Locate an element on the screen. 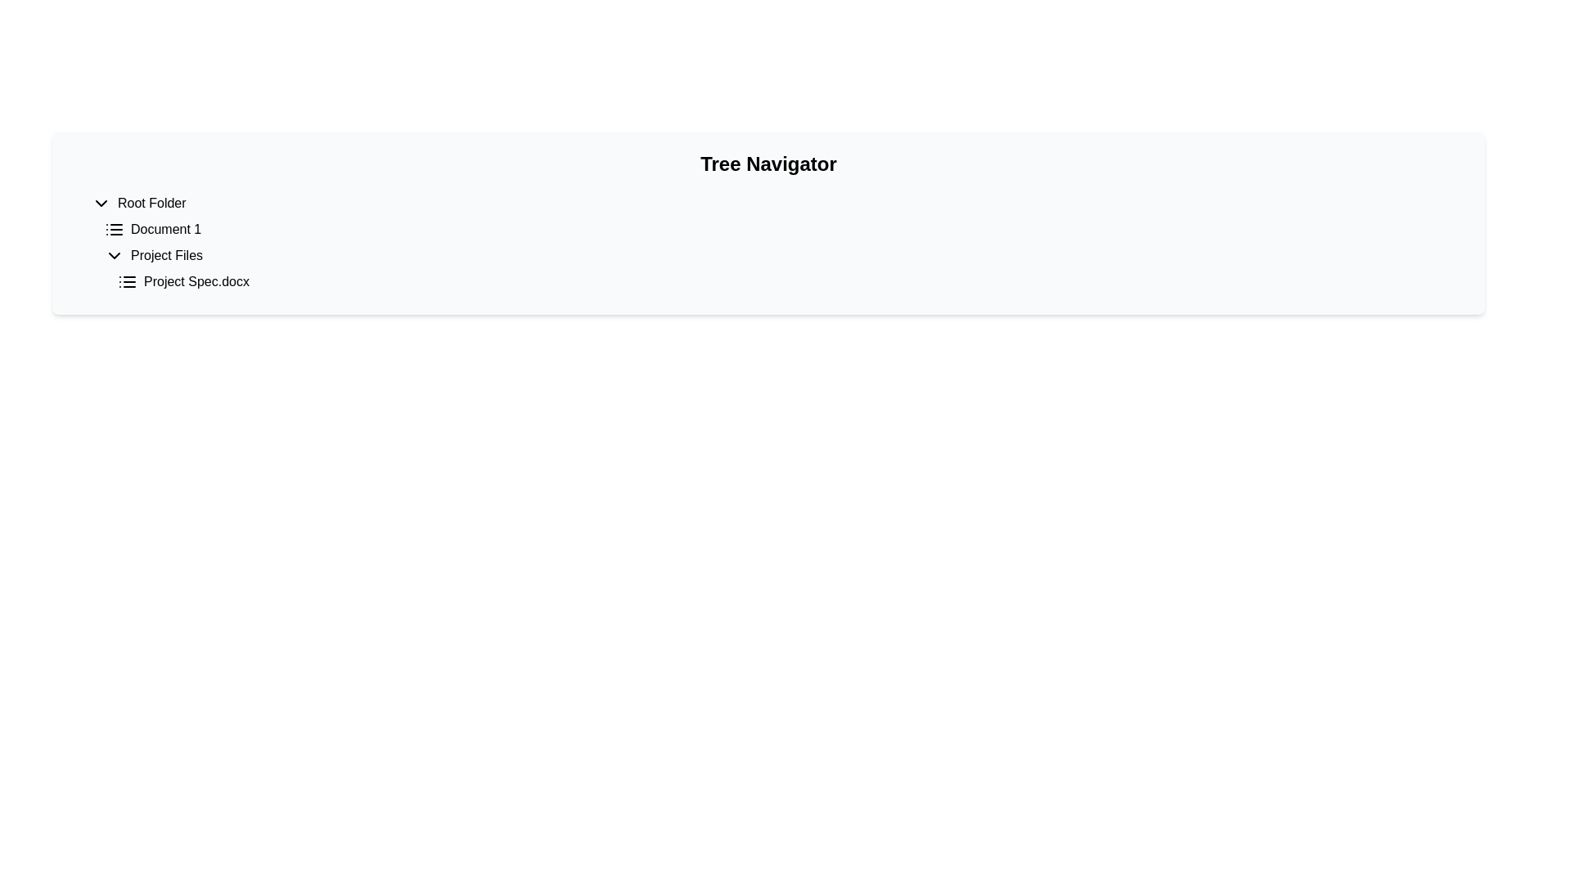 The image size is (1571, 883). the downward-pointing chevron icon is located at coordinates (101, 203).